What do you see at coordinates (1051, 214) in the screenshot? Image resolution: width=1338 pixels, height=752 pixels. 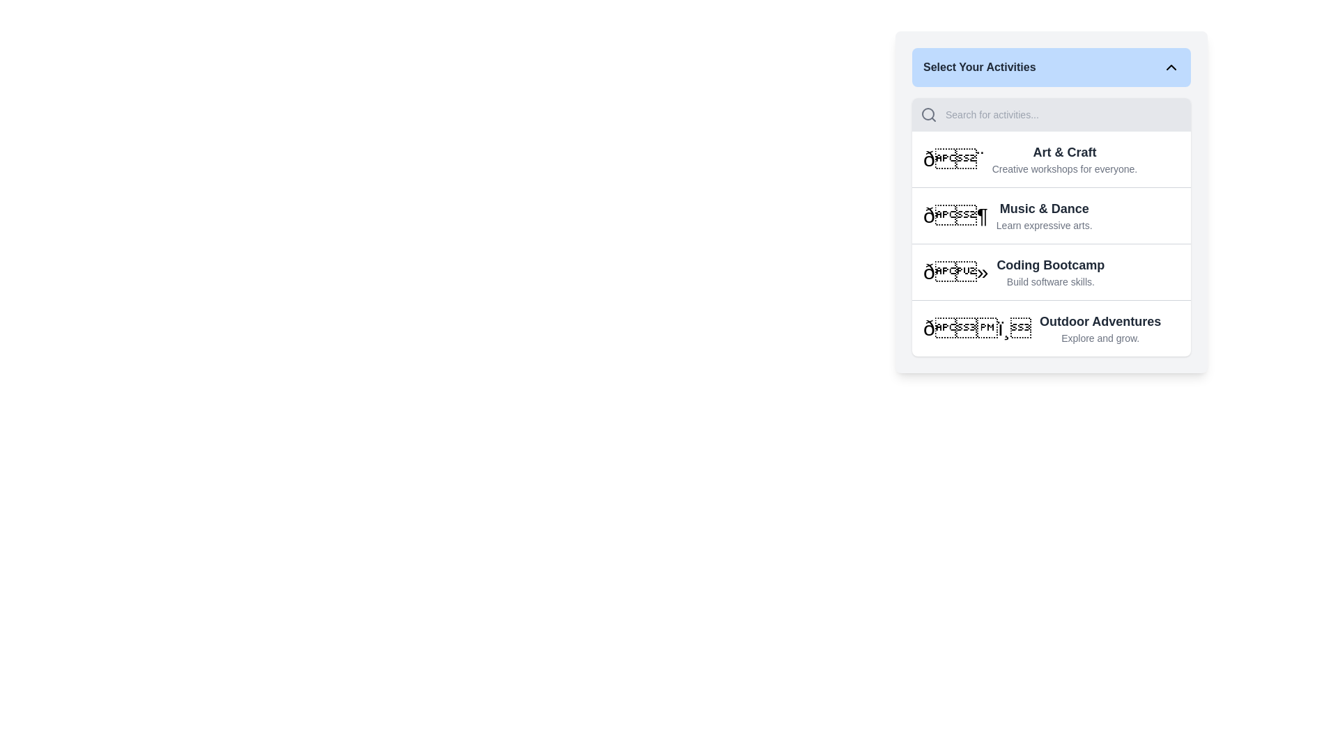 I see `the second list item featuring the musical note emoji "🎶", header "Music & Dance", and subheading "Learn expressive arts."` at bounding box center [1051, 214].